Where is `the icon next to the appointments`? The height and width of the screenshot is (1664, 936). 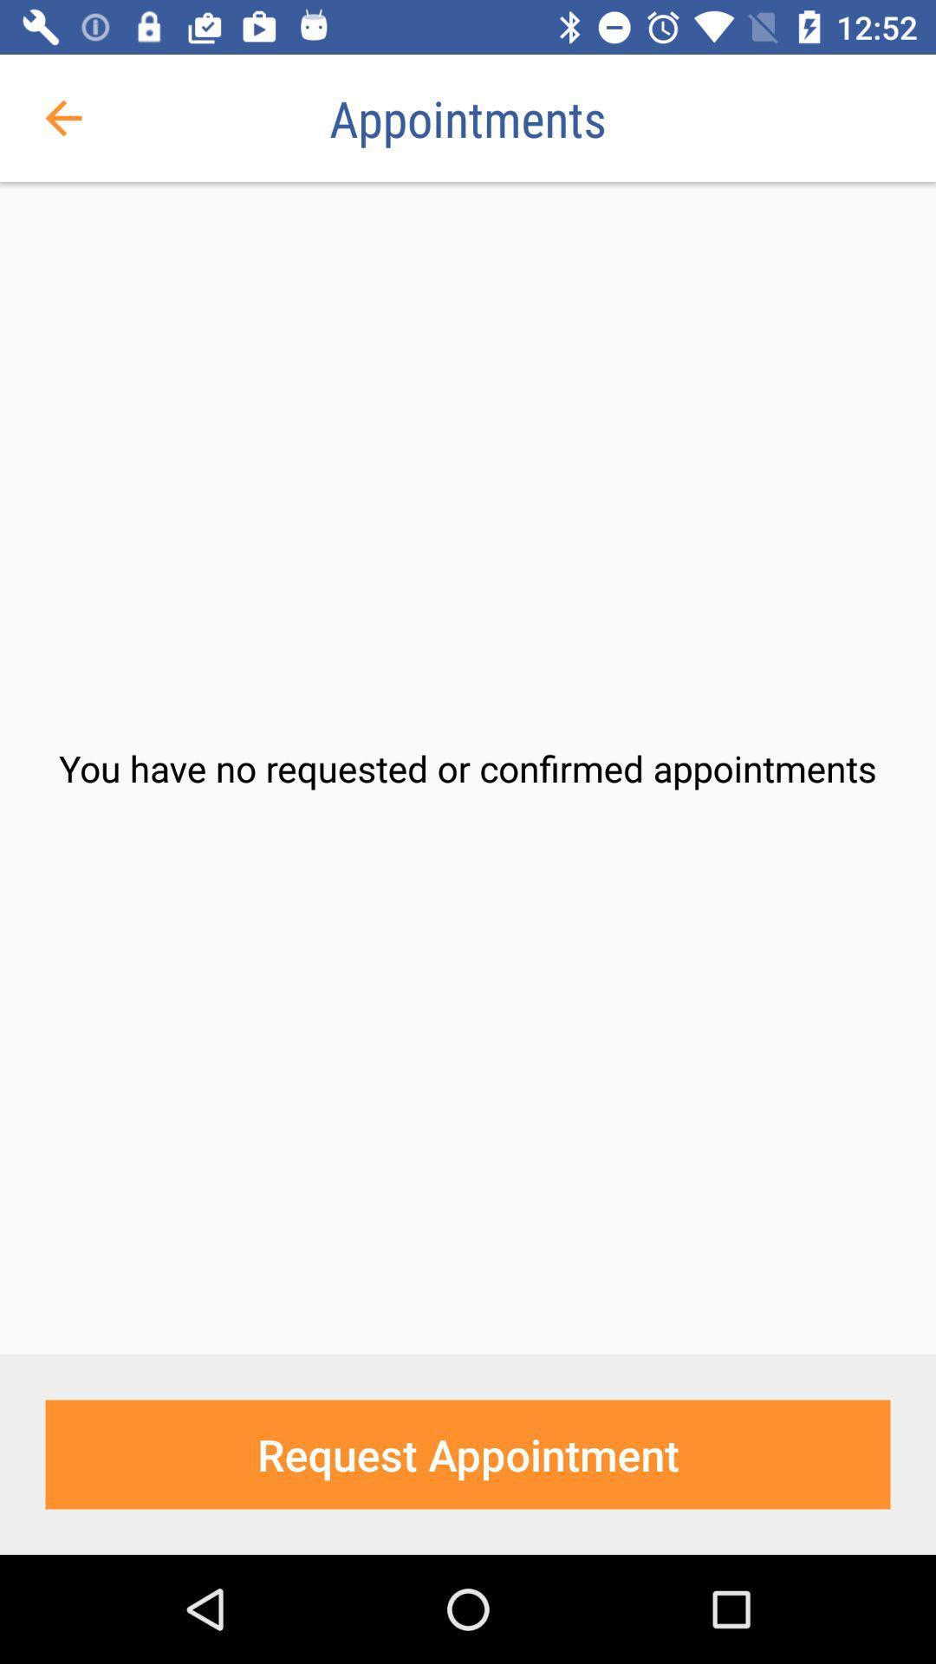
the icon next to the appointments is located at coordinates (62, 117).